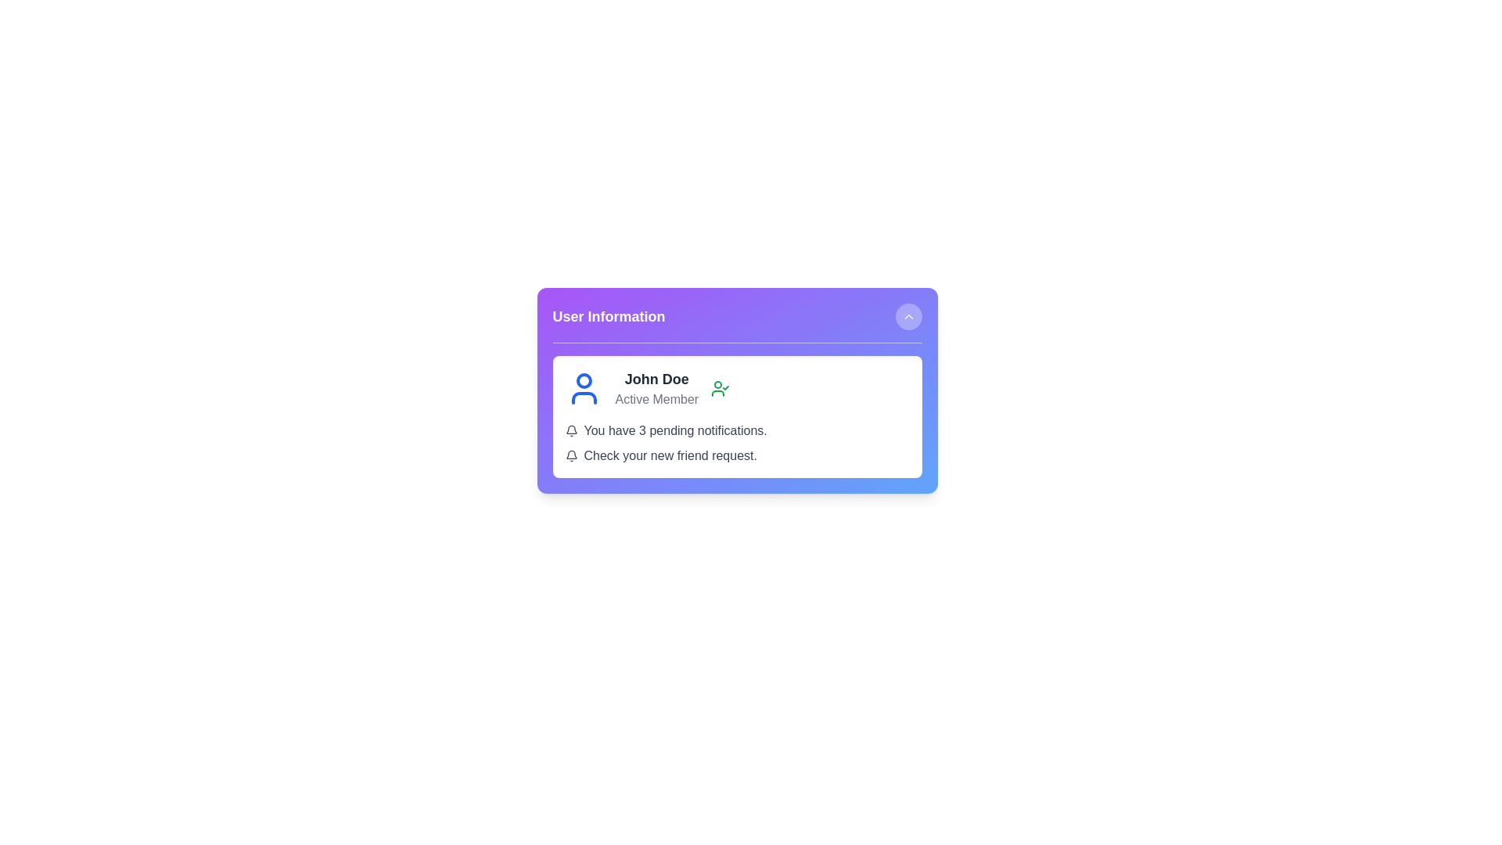 The height and width of the screenshot is (845, 1502). Describe the element at coordinates (736, 431) in the screenshot. I see `the static text element stating 'You have 3 pending notifications', which is styled in gray and located below the 'John Doe' section` at that location.